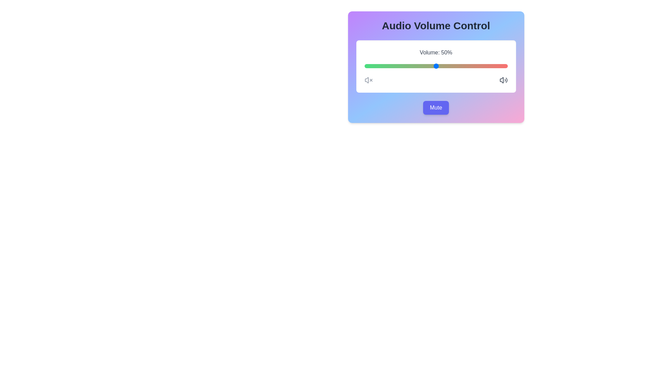 This screenshot has height=372, width=661. Describe the element at coordinates (436, 107) in the screenshot. I see `the 'Mute' button to mute the audio` at that location.